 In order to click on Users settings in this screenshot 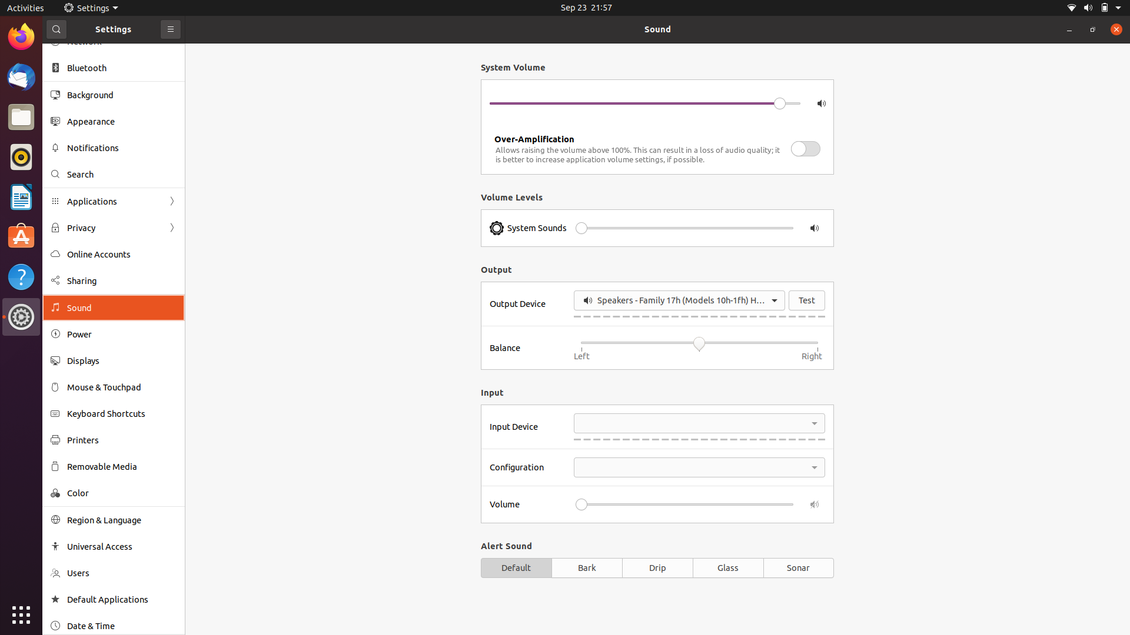, I will do `click(114, 574)`.